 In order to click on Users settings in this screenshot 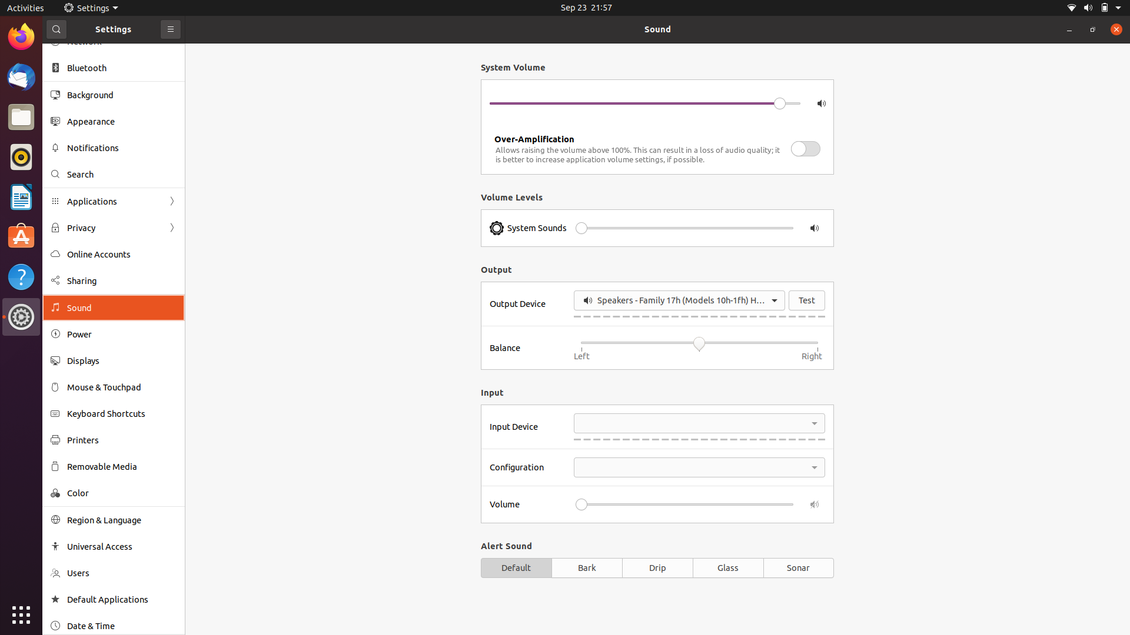, I will do `click(114, 574)`.